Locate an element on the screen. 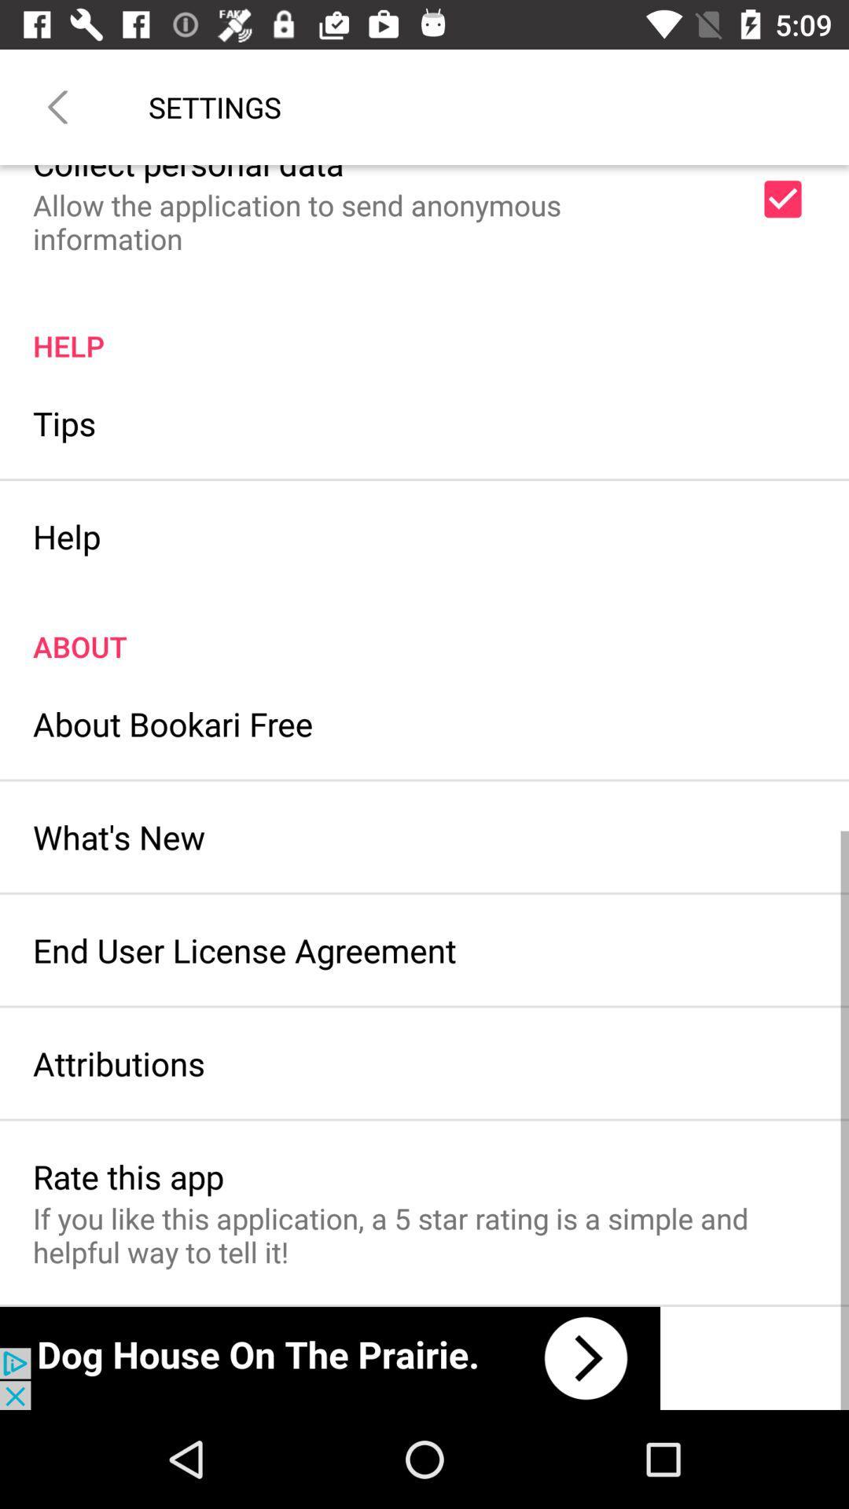 The image size is (849, 1509). go back is located at coordinates (57, 106).